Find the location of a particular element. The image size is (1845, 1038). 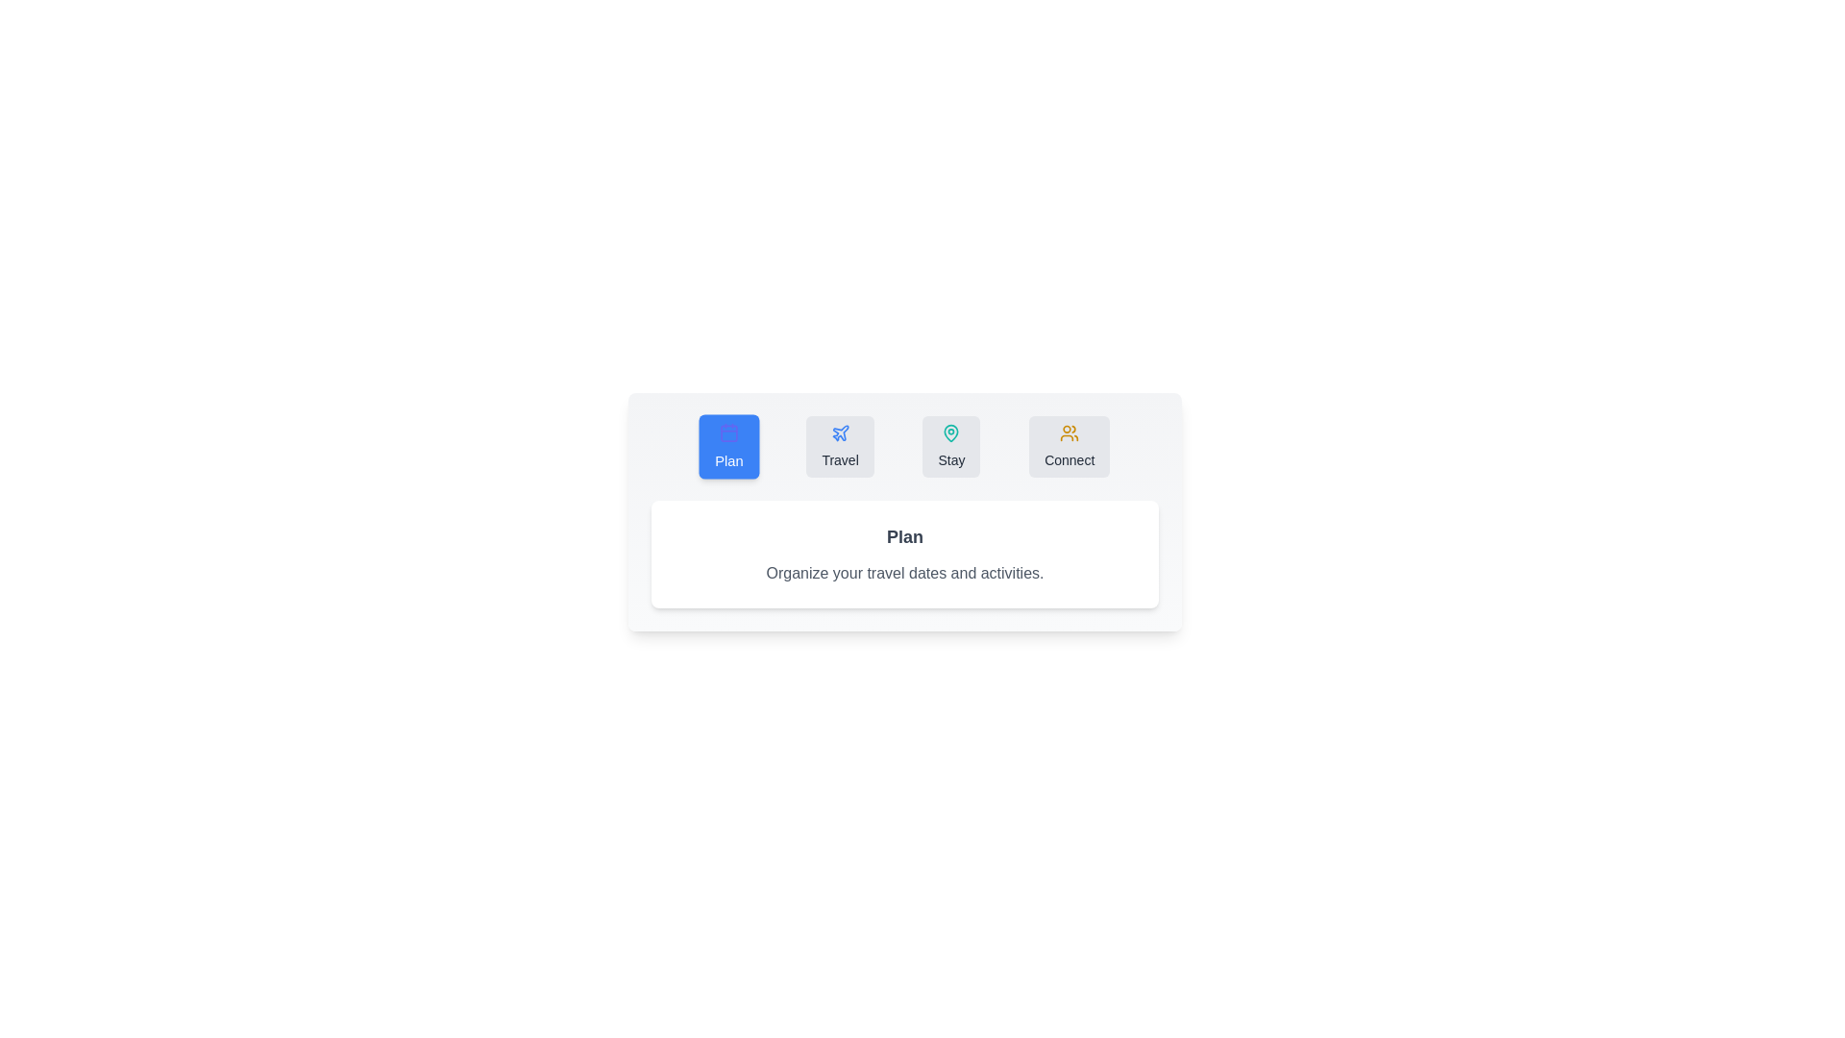

the tab labeled 'Plan' to preview its hover state is located at coordinates (727, 447).